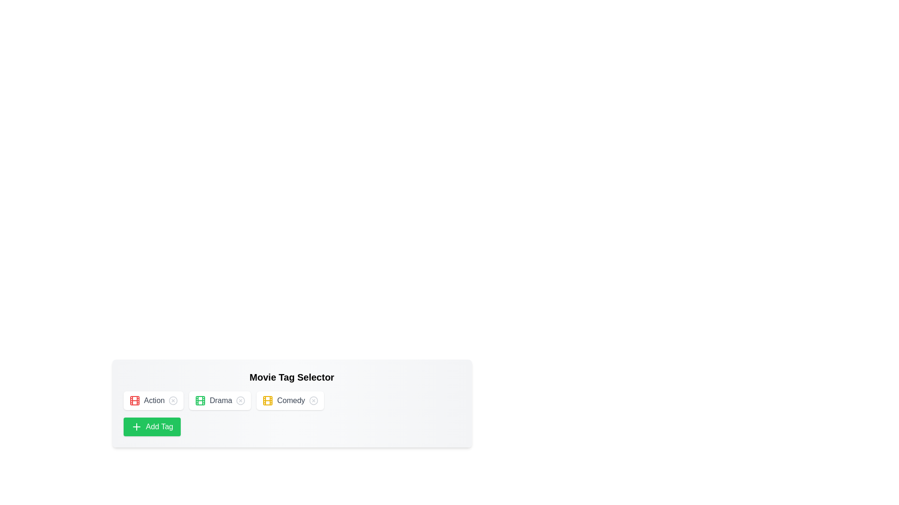  I want to click on the tag with name Action by clicking its 'X' icon, so click(173, 400).